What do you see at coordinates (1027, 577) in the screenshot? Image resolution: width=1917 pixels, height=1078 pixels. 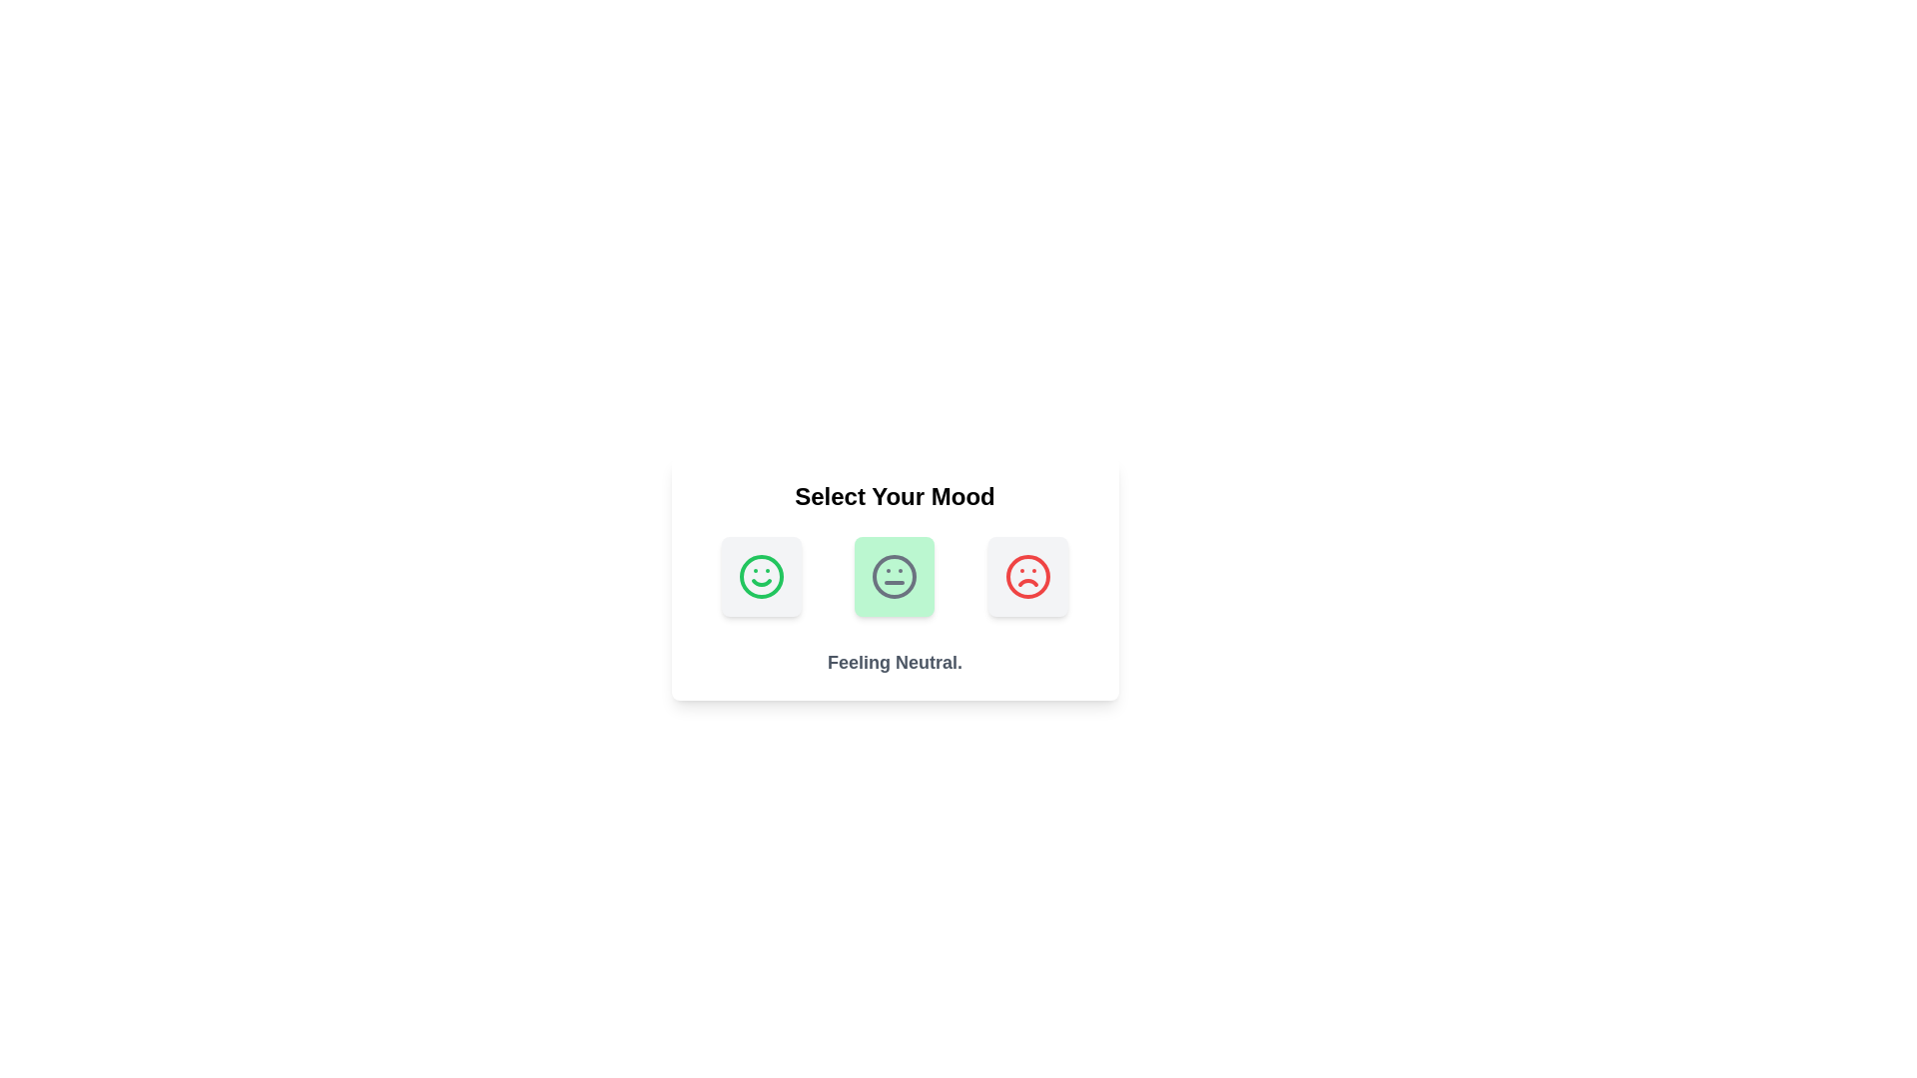 I see `the rightmost button in the mood selection group` at bounding box center [1027, 577].